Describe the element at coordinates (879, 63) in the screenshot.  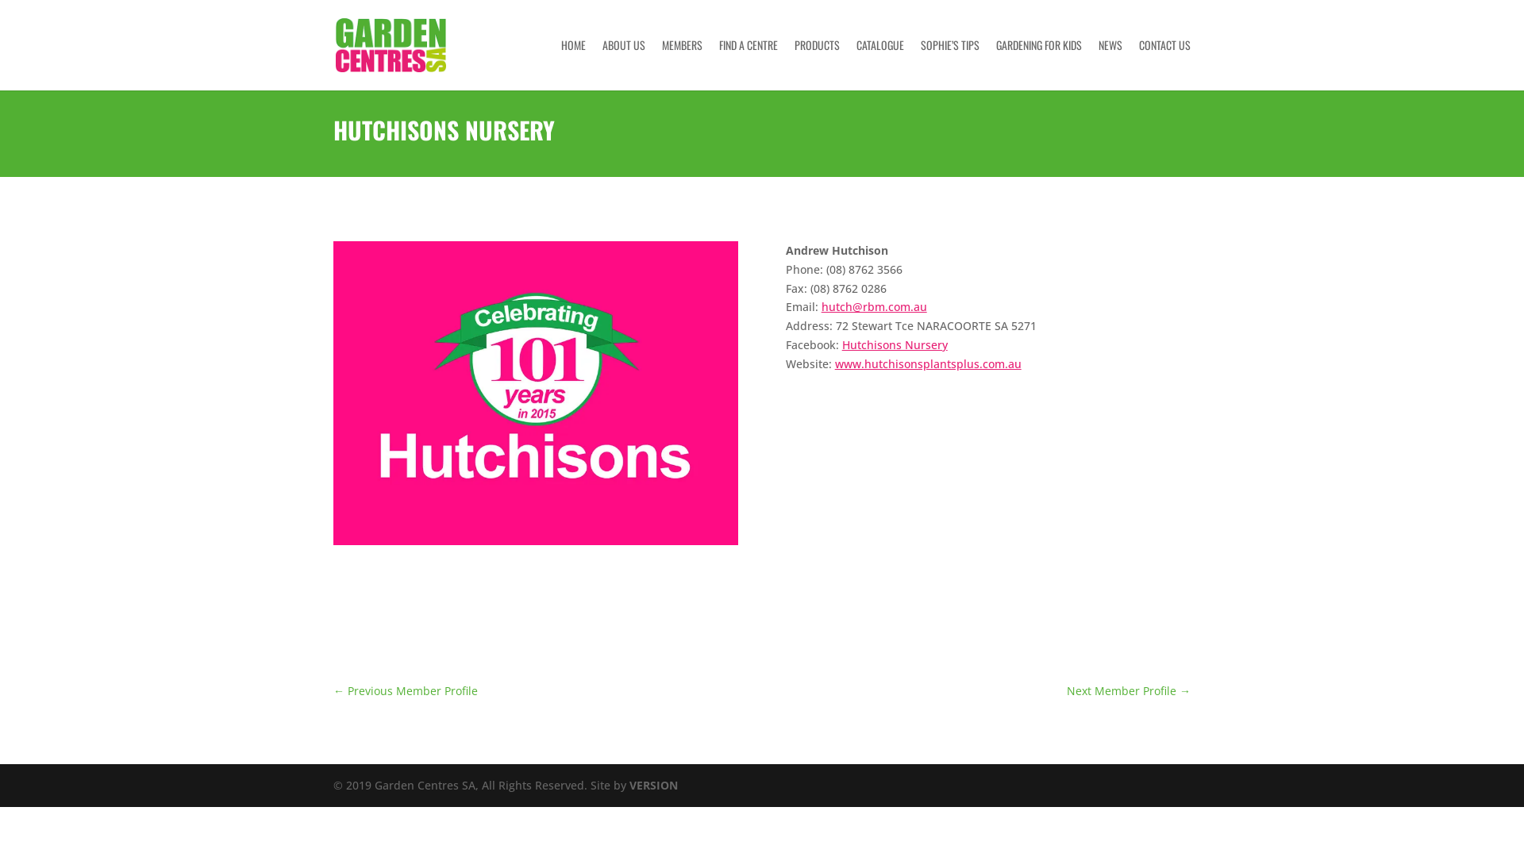
I see `'CATALOGUE'` at that location.